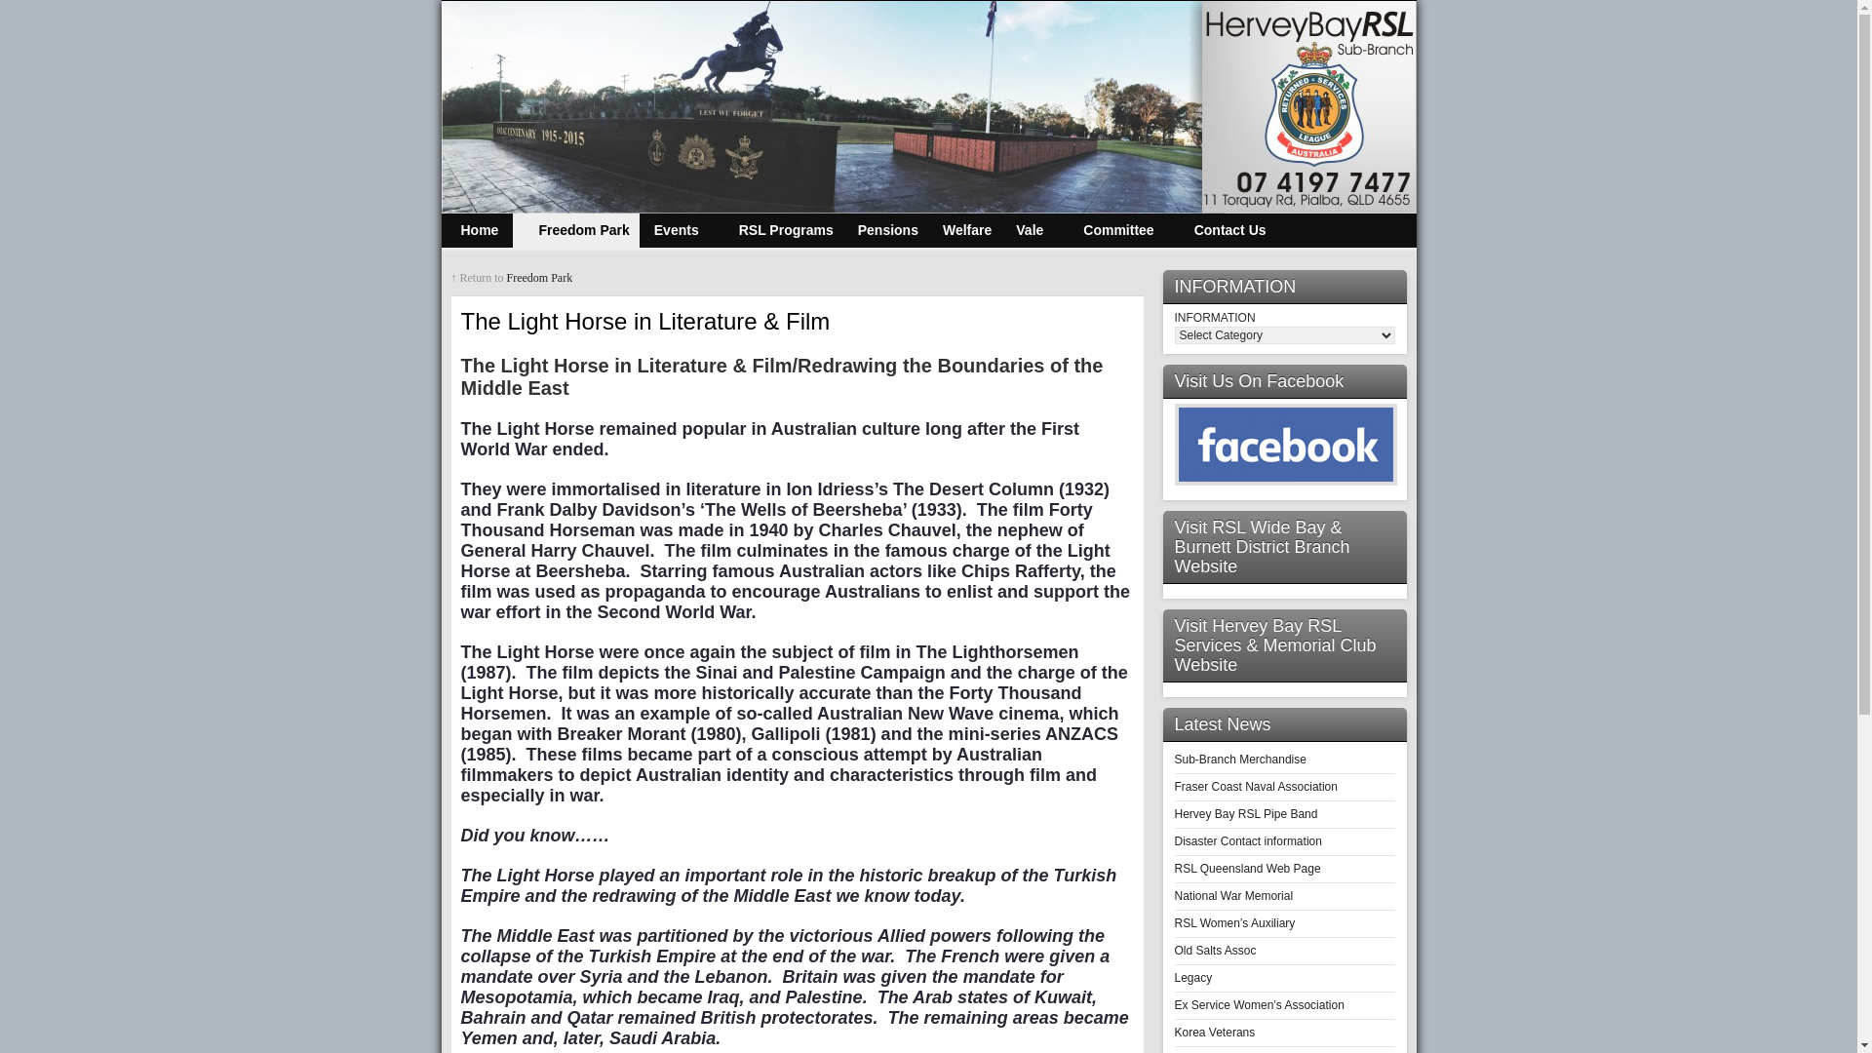 Image resolution: width=1872 pixels, height=1053 pixels. Describe the element at coordinates (1029, 229) in the screenshot. I see `'Vale'` at that location.